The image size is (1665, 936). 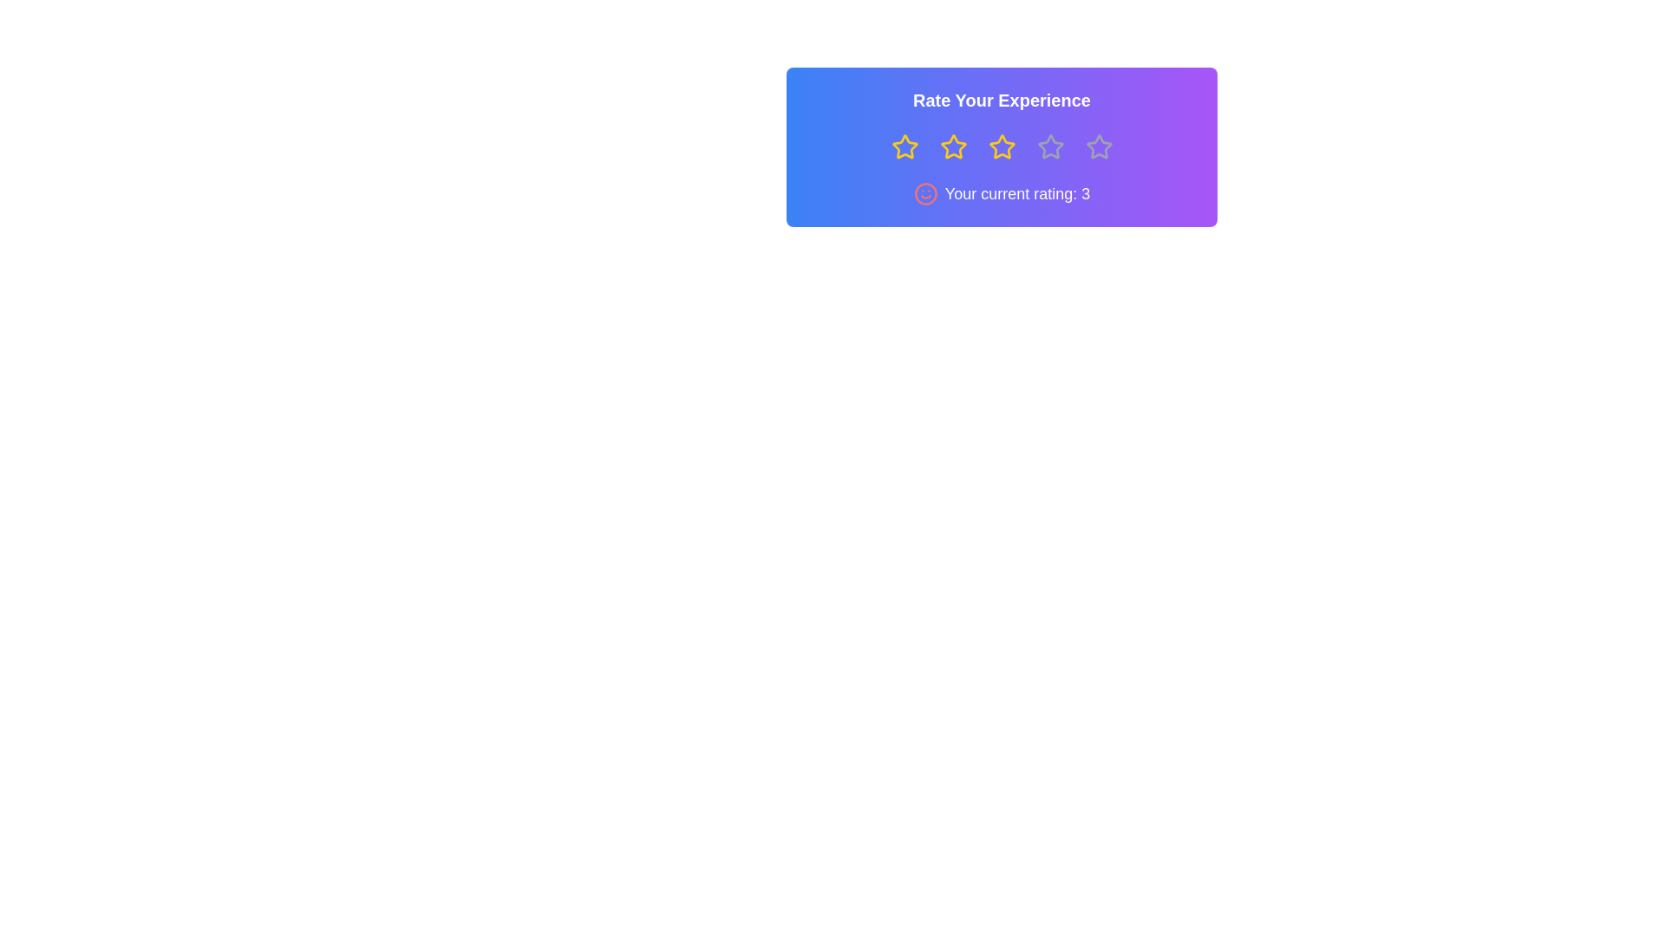 I want to click on the star representing 1 stars to preview the rating effect, so click(x=904, y=146).